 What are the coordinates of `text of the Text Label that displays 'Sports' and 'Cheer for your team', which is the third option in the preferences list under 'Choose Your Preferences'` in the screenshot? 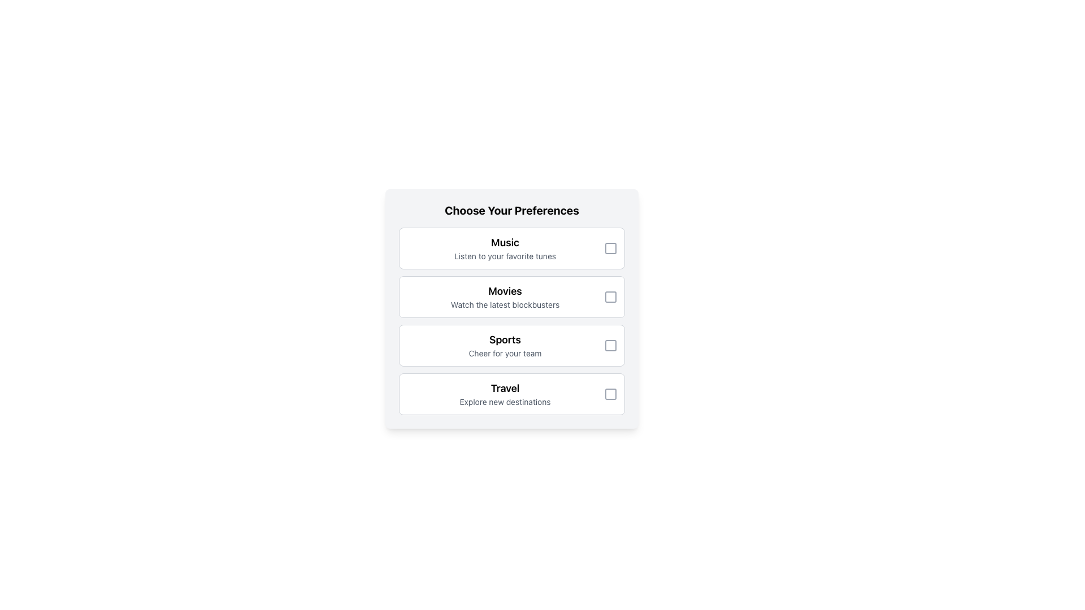 It's located at (504, 345).